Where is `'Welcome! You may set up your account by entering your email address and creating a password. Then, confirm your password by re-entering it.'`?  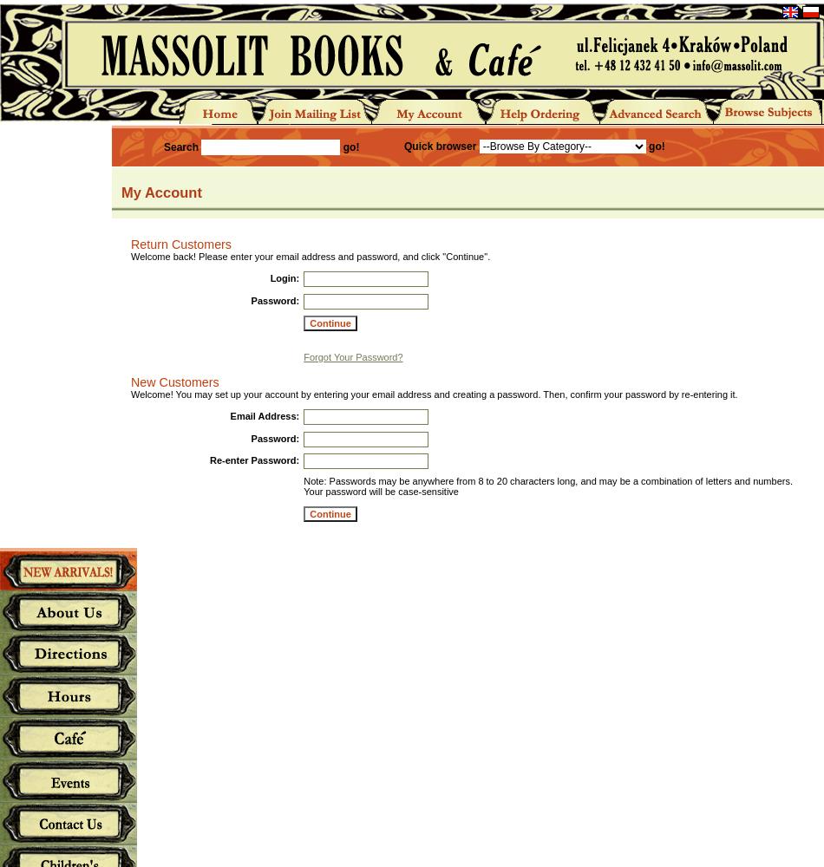 'Welcome! You may set up your account by entering your email address and creating a password. Then, confirm your password by re-entering it.' is located at coordinates (434, 394).